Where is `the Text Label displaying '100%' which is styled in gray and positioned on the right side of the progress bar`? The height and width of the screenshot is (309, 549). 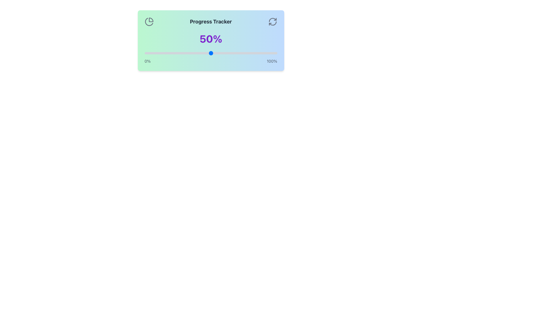 the Text Label displaying '100%' which is styled in gray and positioned on the right side of the progress bar is located at coordinates (272, 61).